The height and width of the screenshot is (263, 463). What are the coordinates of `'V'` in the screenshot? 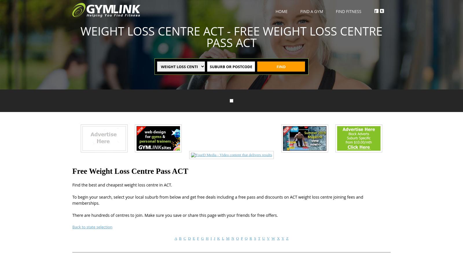 It's located at (268, 238).